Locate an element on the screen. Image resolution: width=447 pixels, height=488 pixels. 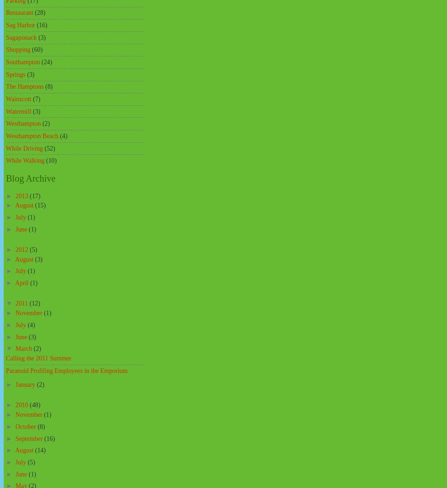
'Wainscott' is located at coordinates (18, 98).